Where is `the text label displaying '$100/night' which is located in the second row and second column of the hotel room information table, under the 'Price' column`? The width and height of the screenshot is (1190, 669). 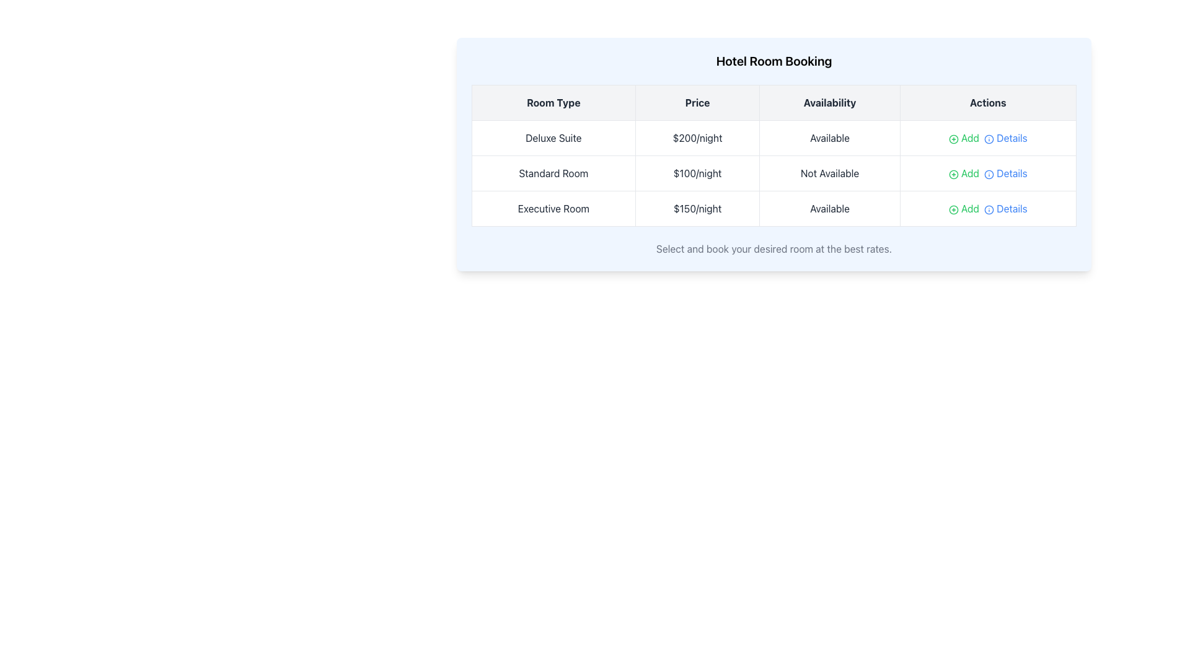 the text label displaying '$100/night' which is located in the second row and second column of the hotel room information table, under the 'Price' column is located at coordinates (697, 173).